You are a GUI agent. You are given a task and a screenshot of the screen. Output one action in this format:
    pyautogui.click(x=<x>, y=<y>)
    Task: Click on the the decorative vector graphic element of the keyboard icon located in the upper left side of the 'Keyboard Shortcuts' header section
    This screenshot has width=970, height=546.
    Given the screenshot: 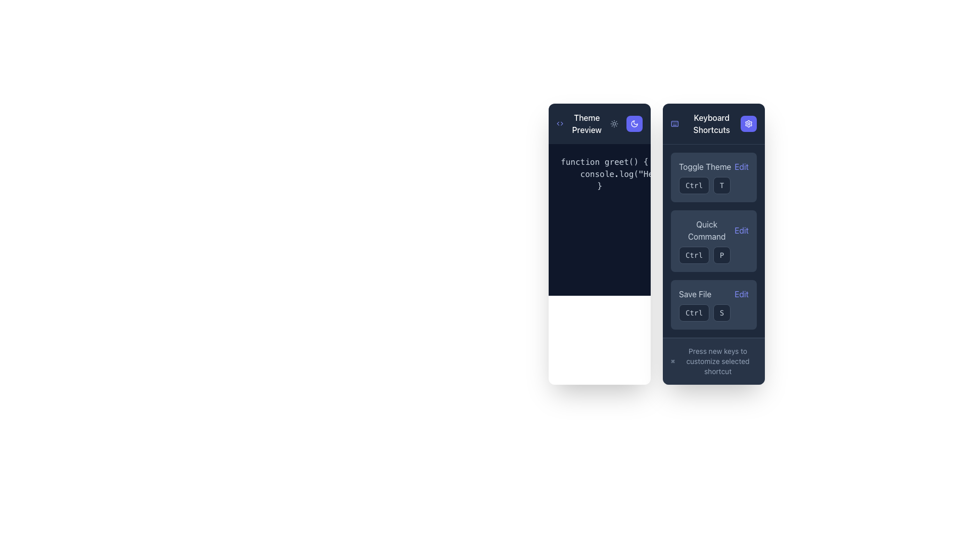 What is the action you would take?
    pyautogui.click(x=674, y=123)
    